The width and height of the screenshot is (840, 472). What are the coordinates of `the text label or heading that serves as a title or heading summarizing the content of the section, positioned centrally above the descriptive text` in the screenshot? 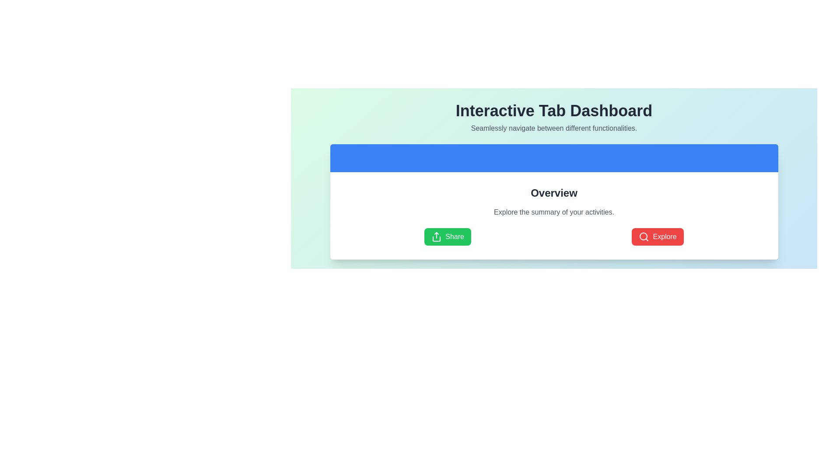 It's located at (553, 193).